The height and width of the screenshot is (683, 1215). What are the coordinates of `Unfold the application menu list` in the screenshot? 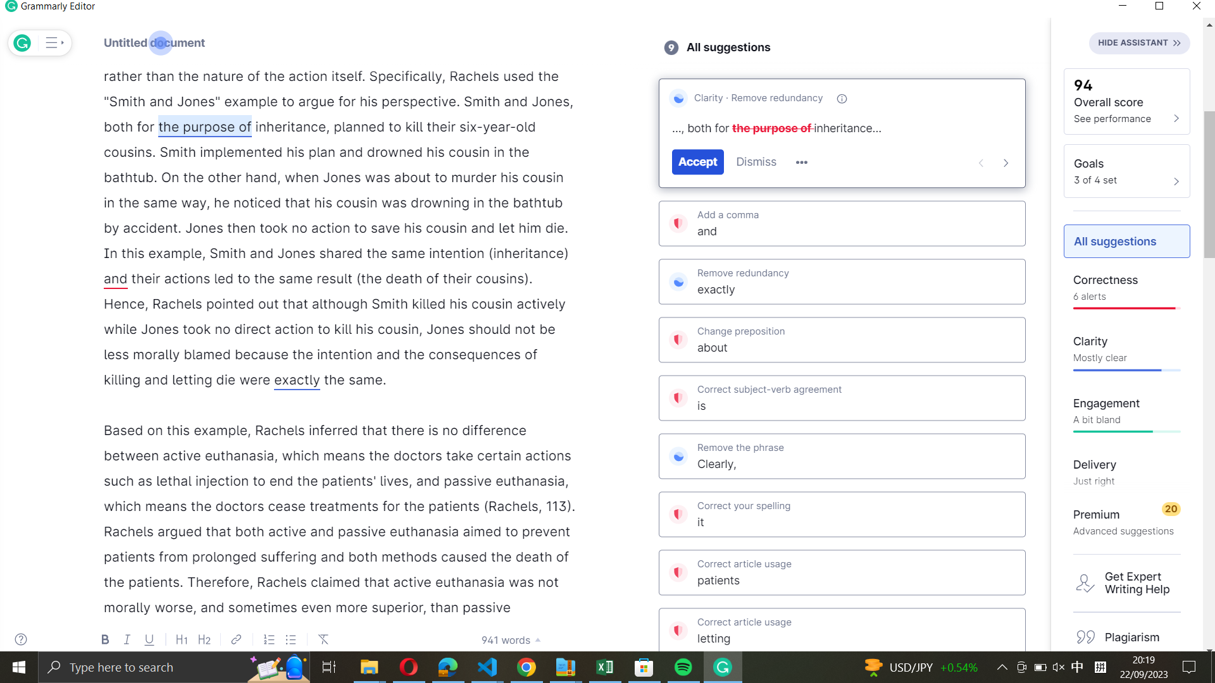 It's located at (52, 42).